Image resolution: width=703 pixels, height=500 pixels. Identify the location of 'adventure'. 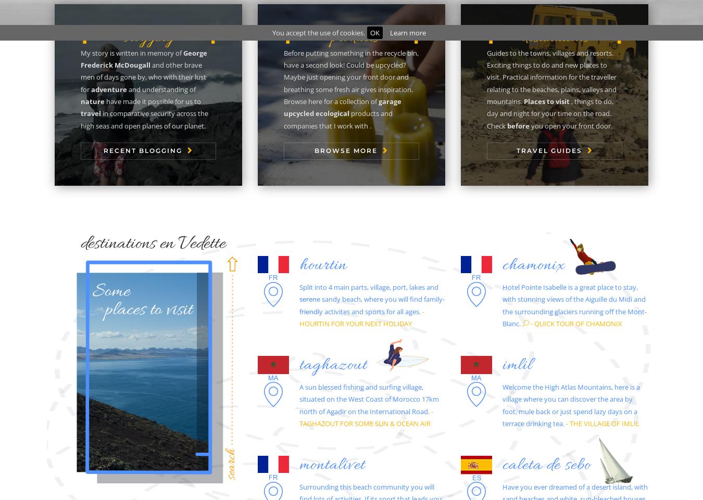
(91, 88).